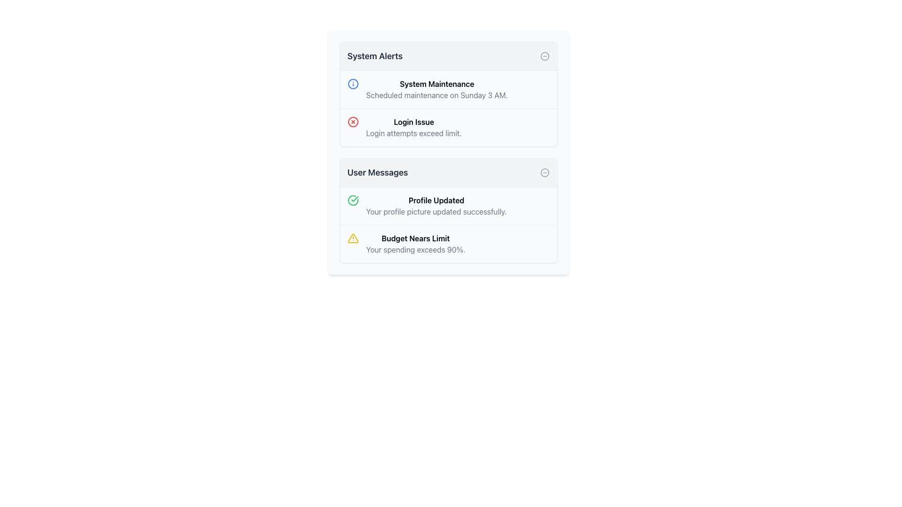  Describe the element at coordinates (352, 200) in the screenshot. I see `the success indicator icon located to the left of the 'Profile Updated' text in the 'User Messages' section` at that location.